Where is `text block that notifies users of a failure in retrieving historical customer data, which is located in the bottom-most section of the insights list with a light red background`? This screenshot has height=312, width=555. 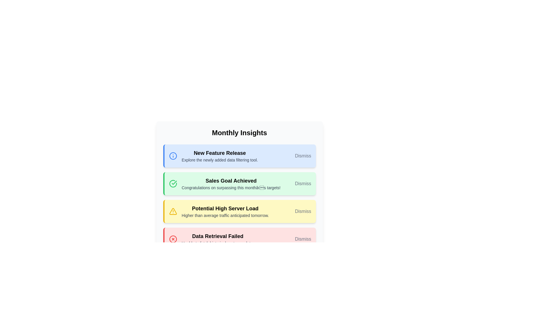 text block that notifies users of a failure in retrieving historical customer data, which is located in the bottom-most section of the insights list with a light red background is located at coordinates (217, 239).